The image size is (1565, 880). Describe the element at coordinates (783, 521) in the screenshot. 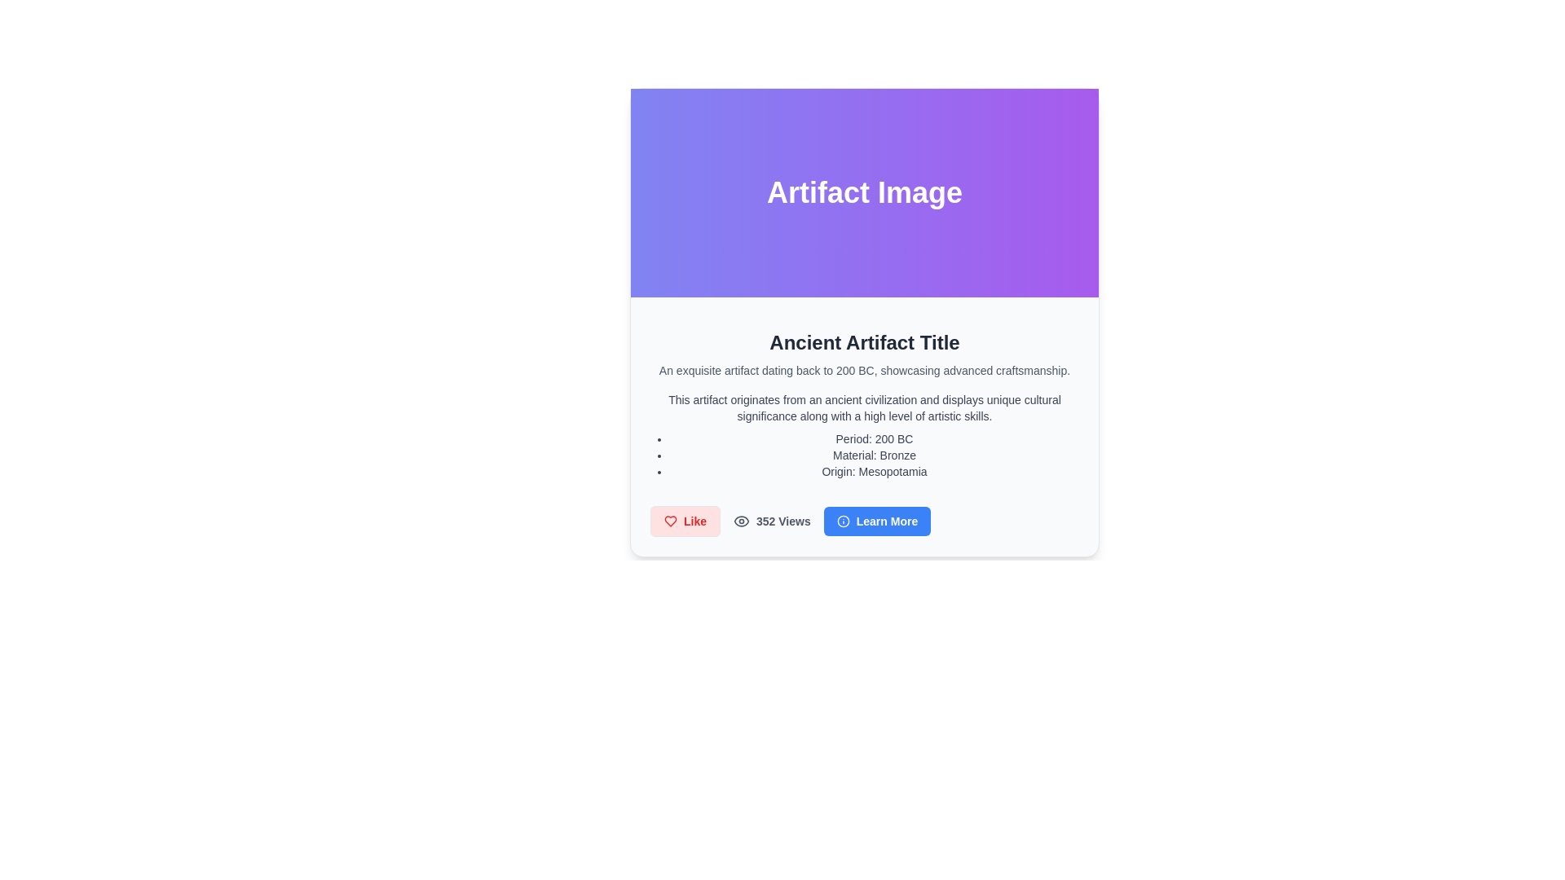

I see `the informational label that shows the number of times the artifact has been viewed, which is located to the right of the eye icon at the bottom center of the card` at that location.